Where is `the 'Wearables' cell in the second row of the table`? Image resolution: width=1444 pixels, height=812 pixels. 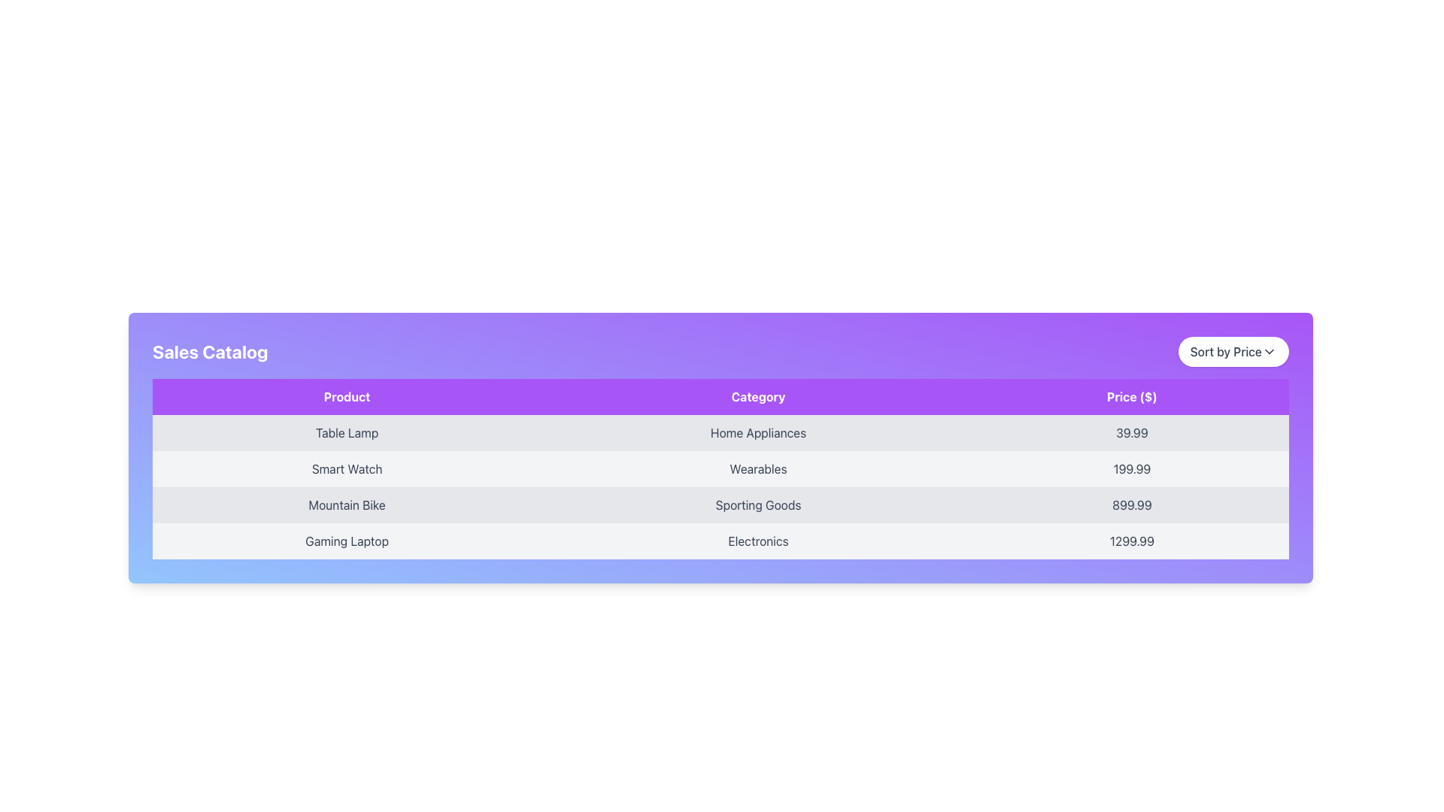
the 'Wearables' cell in the second row of the table is located at coordinates (720, 468).